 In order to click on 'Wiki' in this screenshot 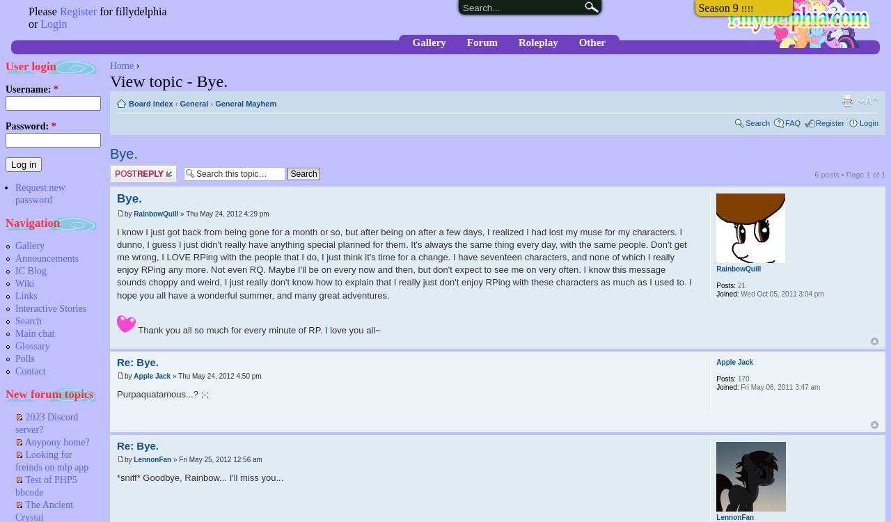, I will do `click(24, 283)`.